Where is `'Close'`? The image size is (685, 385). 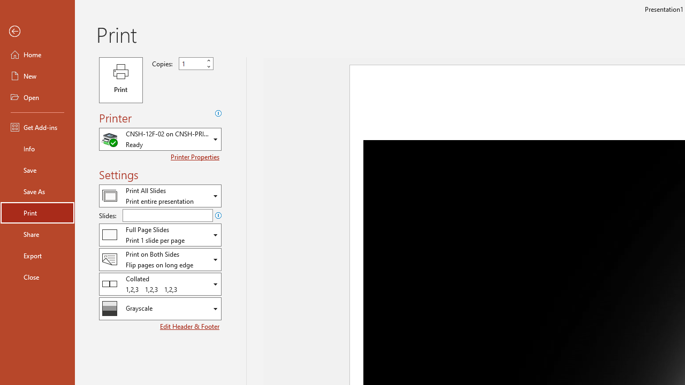
'Close' is located at coordinates (37, 276).